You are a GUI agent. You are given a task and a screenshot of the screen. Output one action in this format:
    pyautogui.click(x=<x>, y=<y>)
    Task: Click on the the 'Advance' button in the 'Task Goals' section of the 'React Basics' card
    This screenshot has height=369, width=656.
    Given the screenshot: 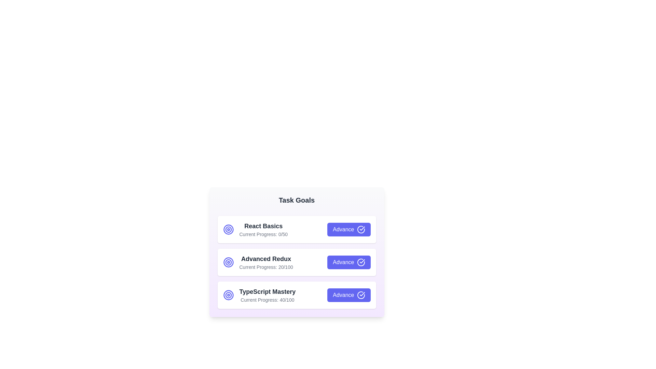 What is the action you would take?
    pyautogui.click(x=349, y=229)
    